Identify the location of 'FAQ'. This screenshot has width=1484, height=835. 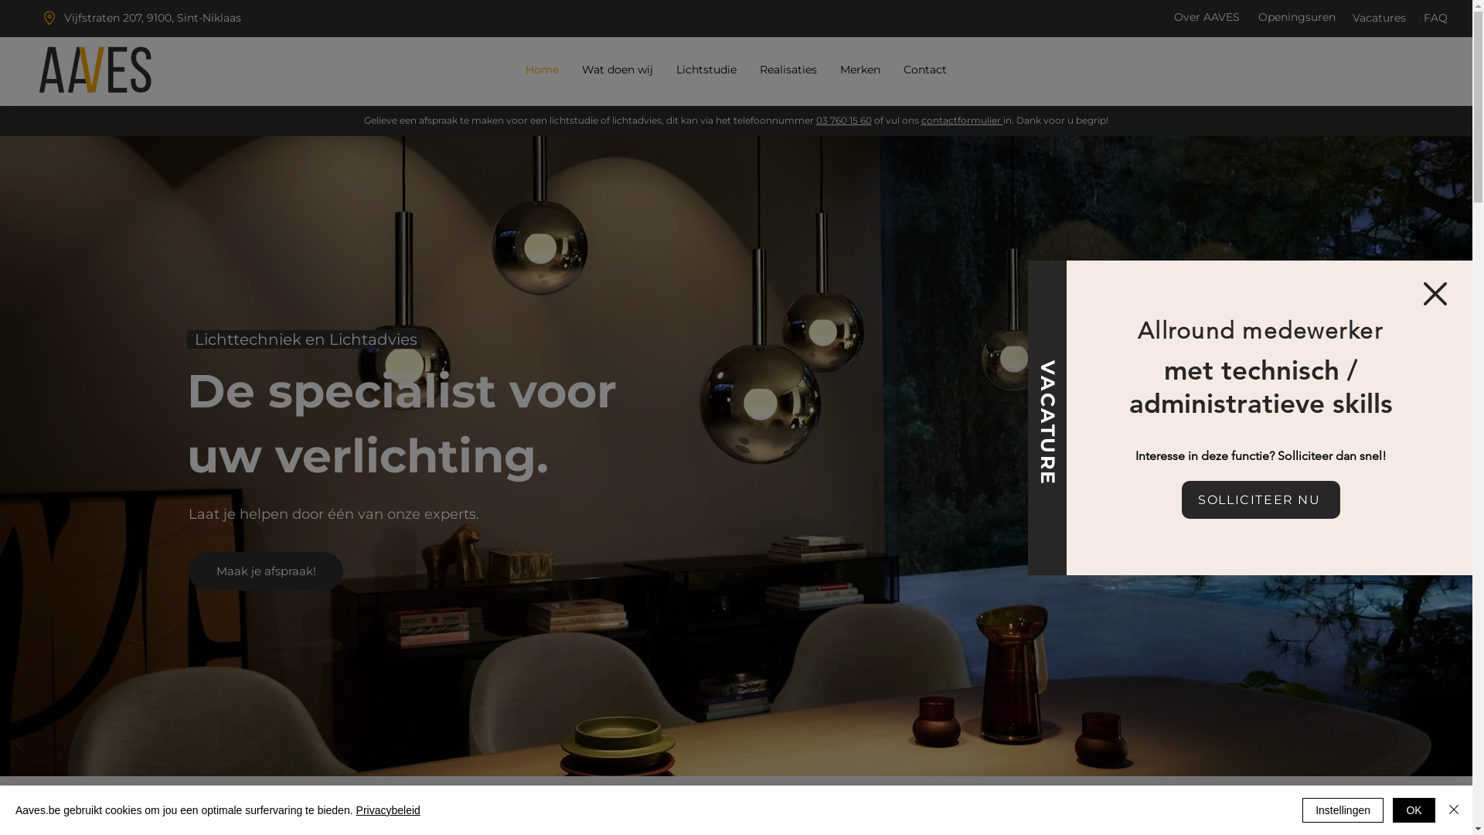
(1423, 18).